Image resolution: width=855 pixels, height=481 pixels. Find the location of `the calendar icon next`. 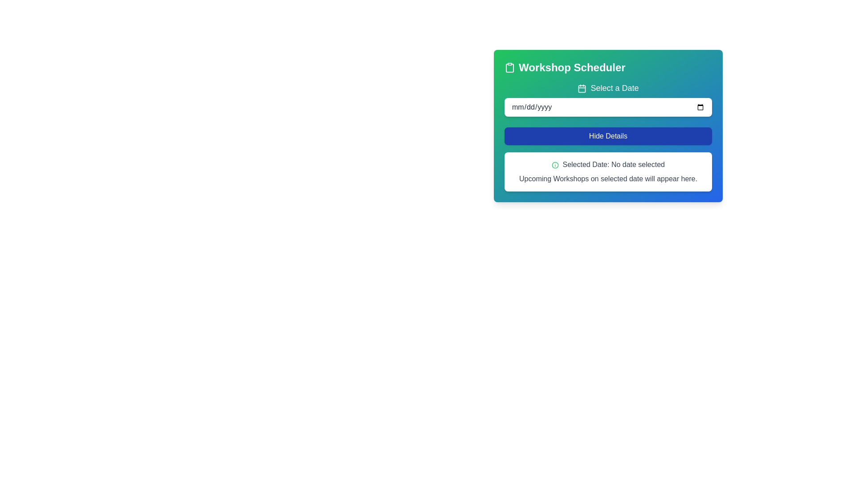

the calendar icon next is located at coordinates (608, 106).